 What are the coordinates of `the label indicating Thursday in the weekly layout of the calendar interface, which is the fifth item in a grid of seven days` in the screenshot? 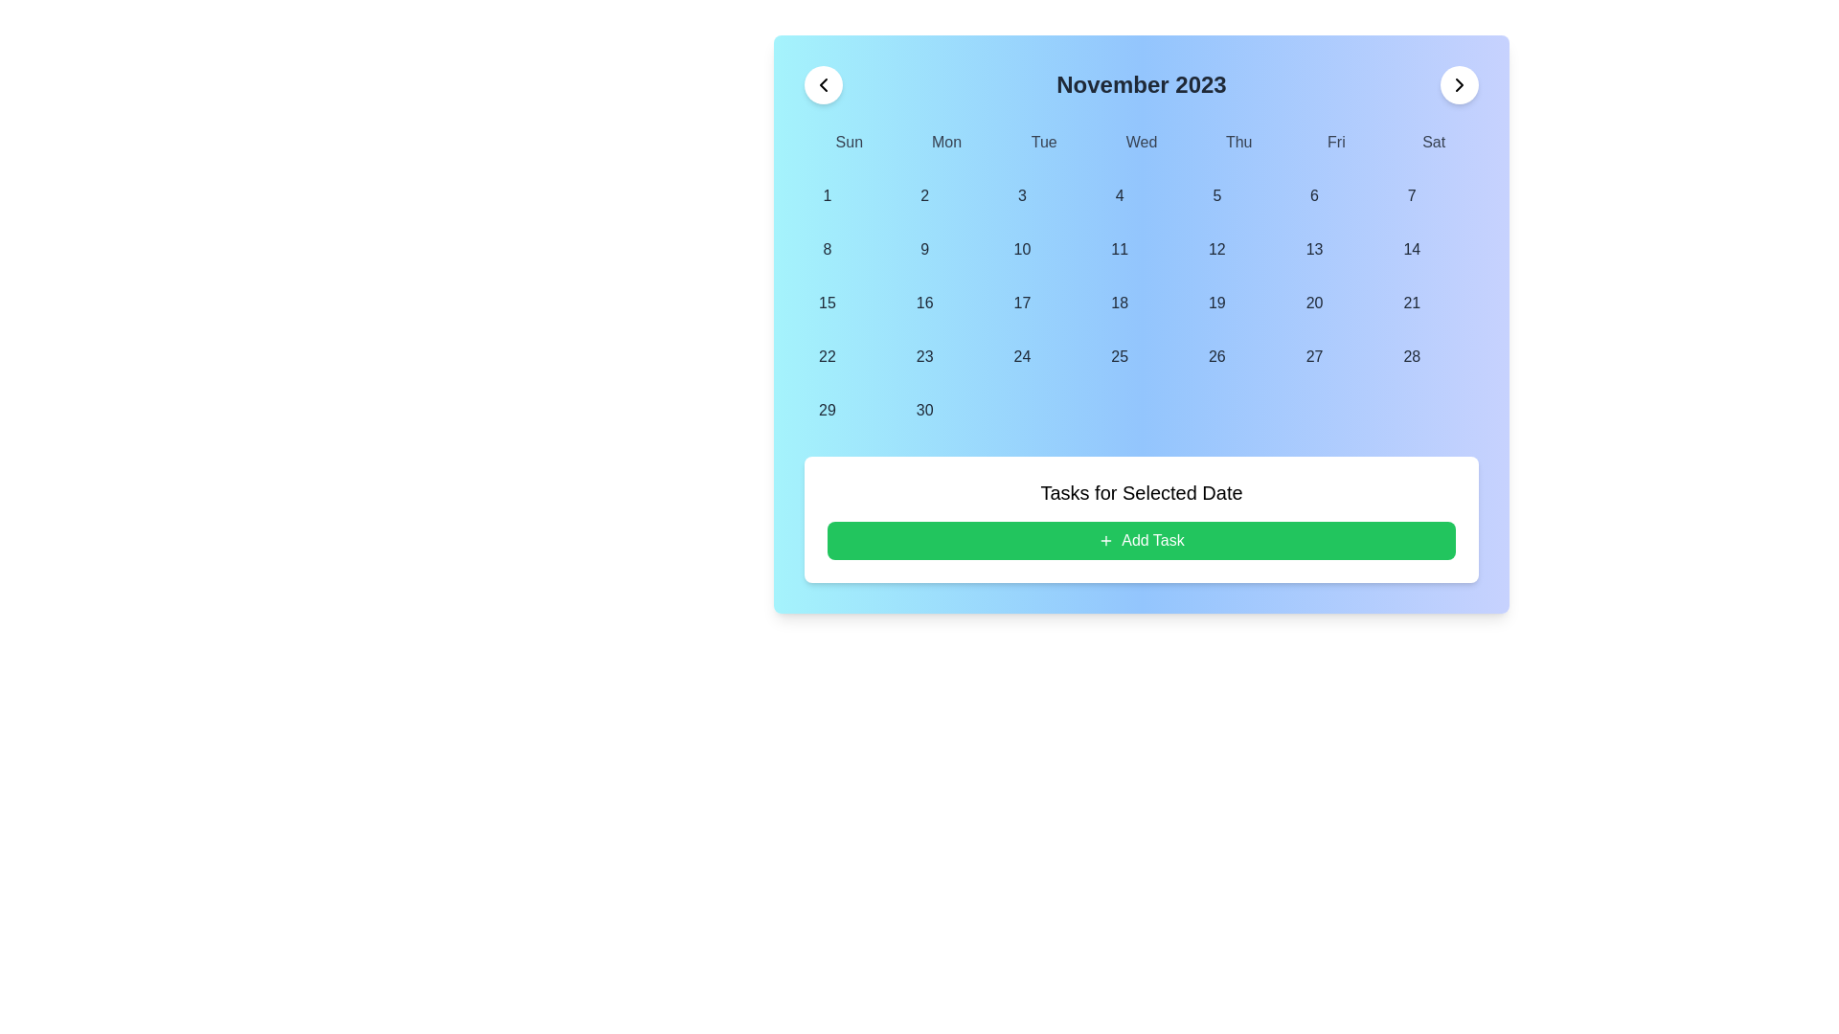 It's located at (1238, 142).